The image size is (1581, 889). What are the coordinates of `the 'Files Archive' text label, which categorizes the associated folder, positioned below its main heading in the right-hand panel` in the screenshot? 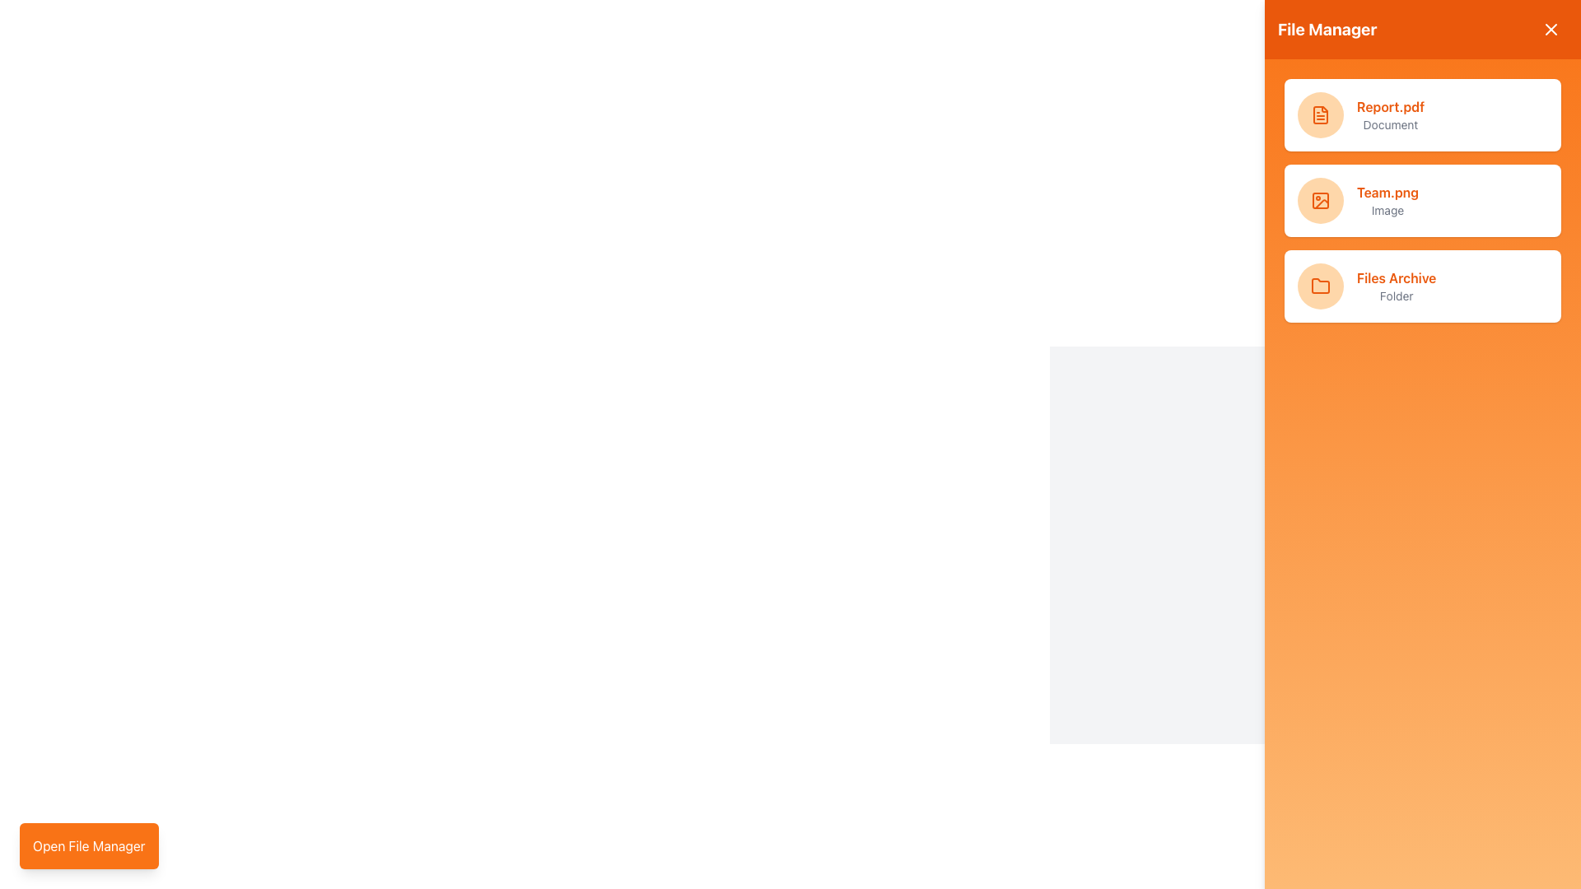 It's located at (1396, 295).